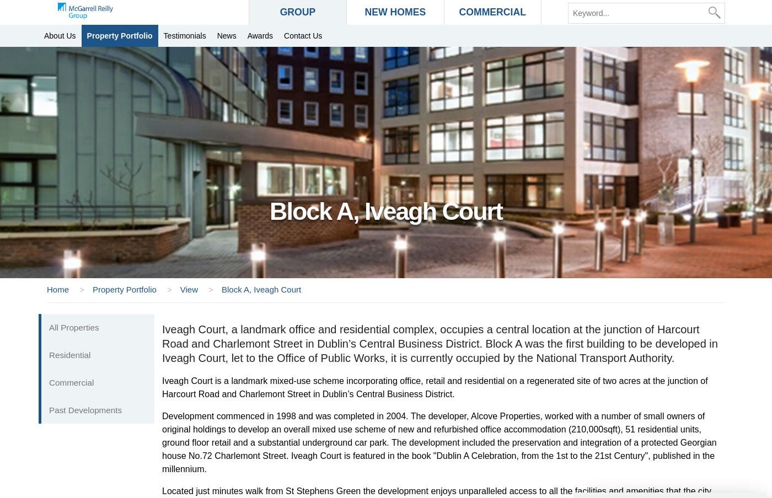  Describe the element at coordinates (58, 289) in the screenshot. I see `'Home'` at that location.